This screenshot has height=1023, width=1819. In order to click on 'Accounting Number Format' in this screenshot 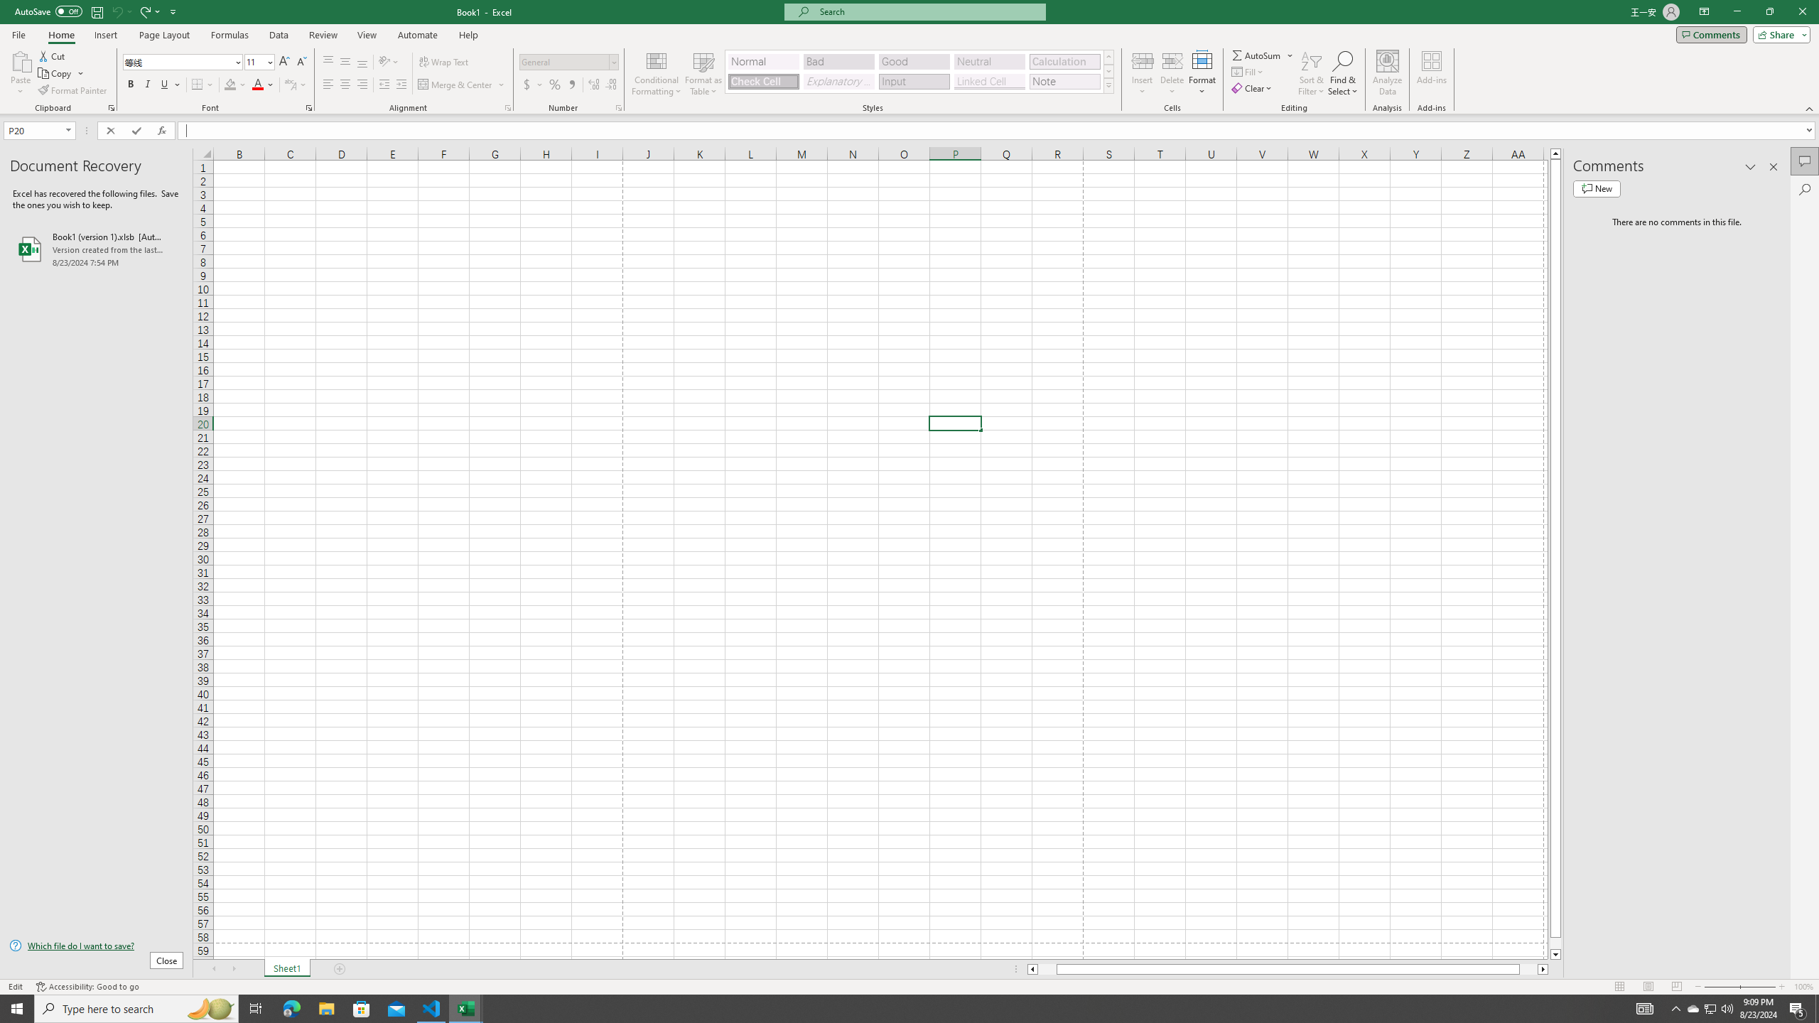, I will do `click(533, 84)`.